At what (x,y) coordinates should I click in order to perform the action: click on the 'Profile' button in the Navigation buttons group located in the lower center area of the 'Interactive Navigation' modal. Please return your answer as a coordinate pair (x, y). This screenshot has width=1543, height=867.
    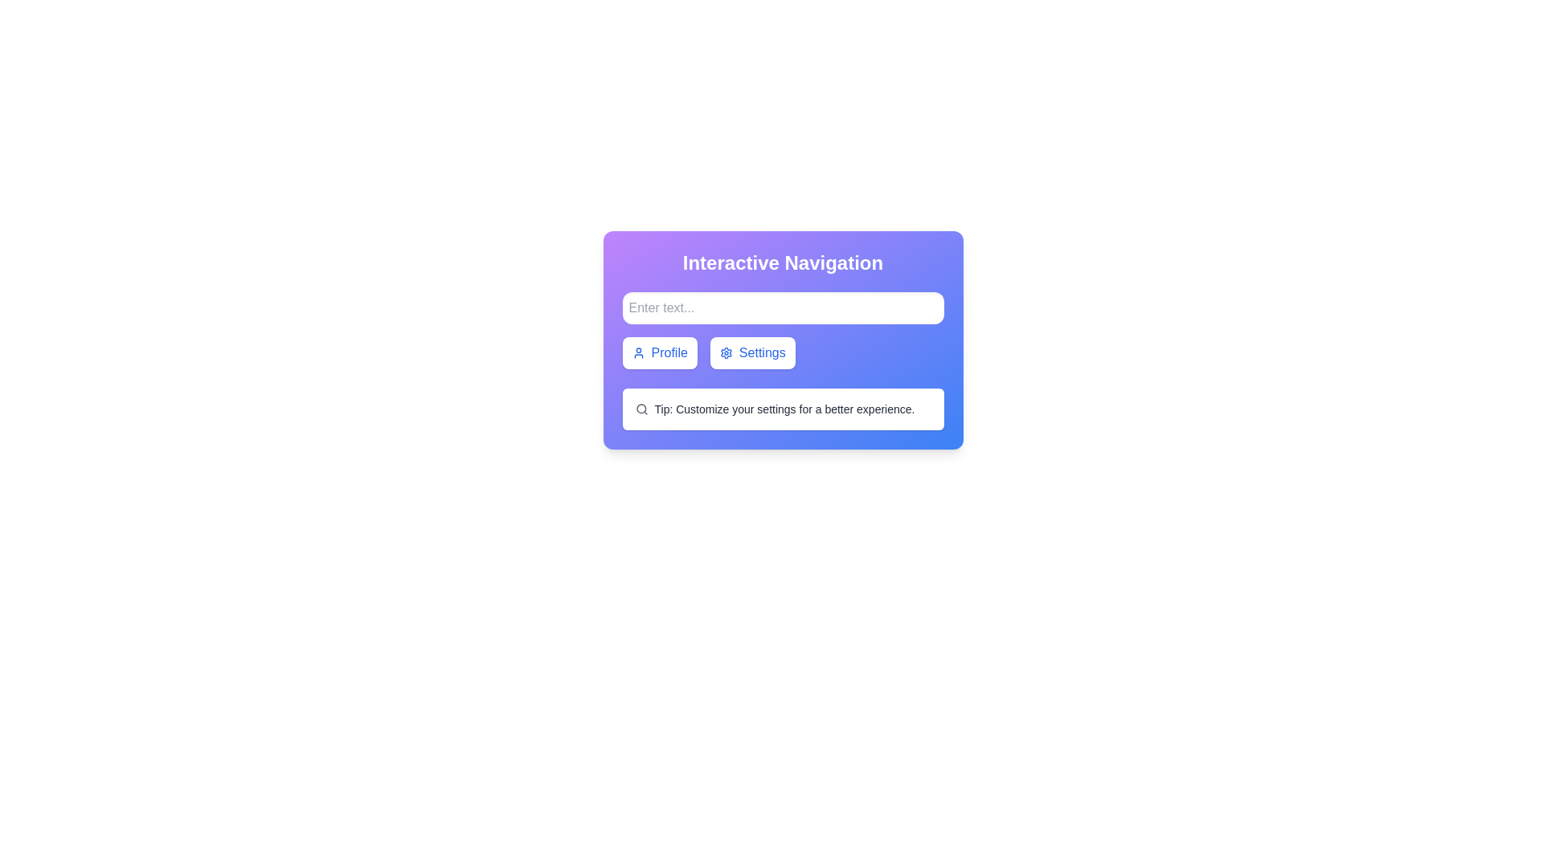
    Looking at the image, I should click on (783, 352).